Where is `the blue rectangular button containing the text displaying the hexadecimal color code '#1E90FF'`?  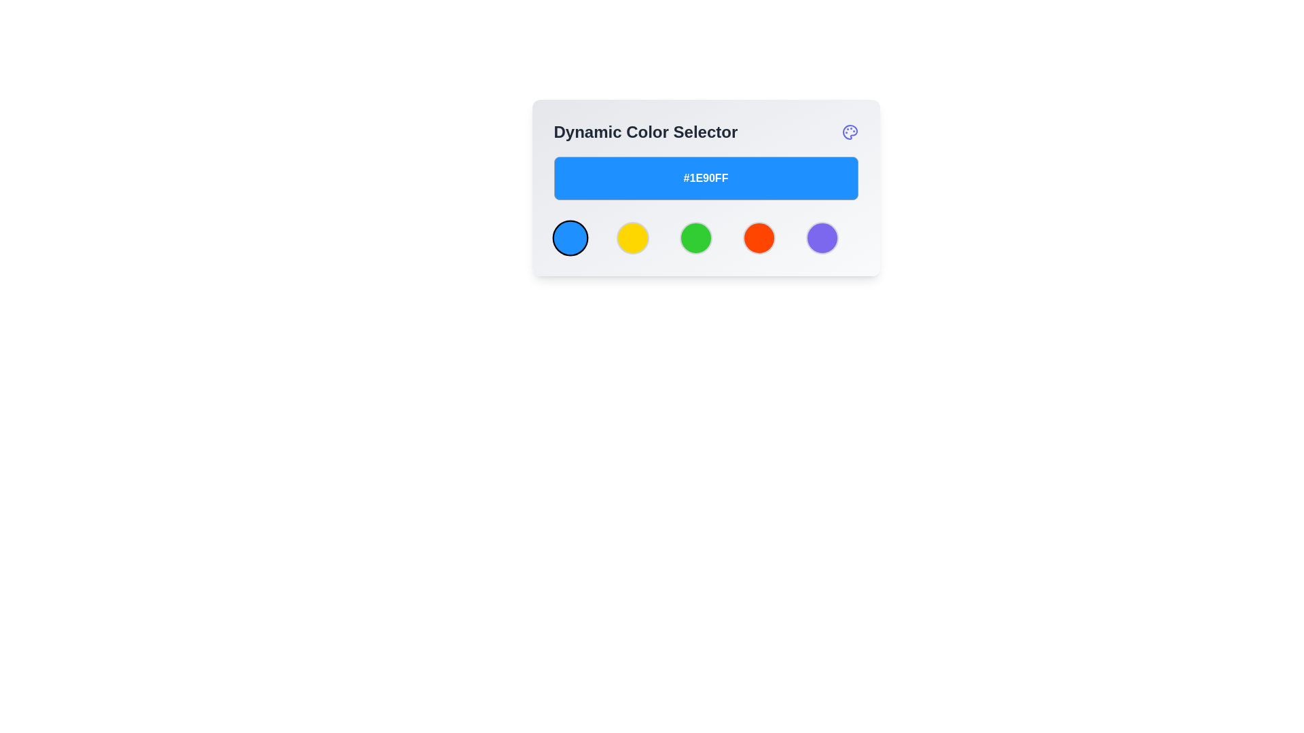
the blue rectangular button containing the text displaying the hexadecimal color code '#1E90FF' is located at coordinates (706, 177).